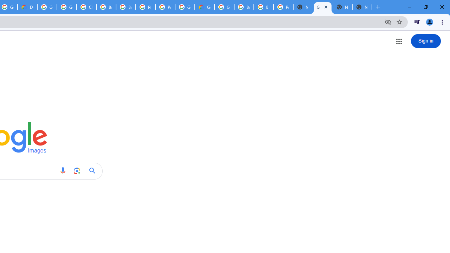 This screenshot has width=450, height=253. I want to click on 'Google Cloud Estimate Summary', so click(204, 7).